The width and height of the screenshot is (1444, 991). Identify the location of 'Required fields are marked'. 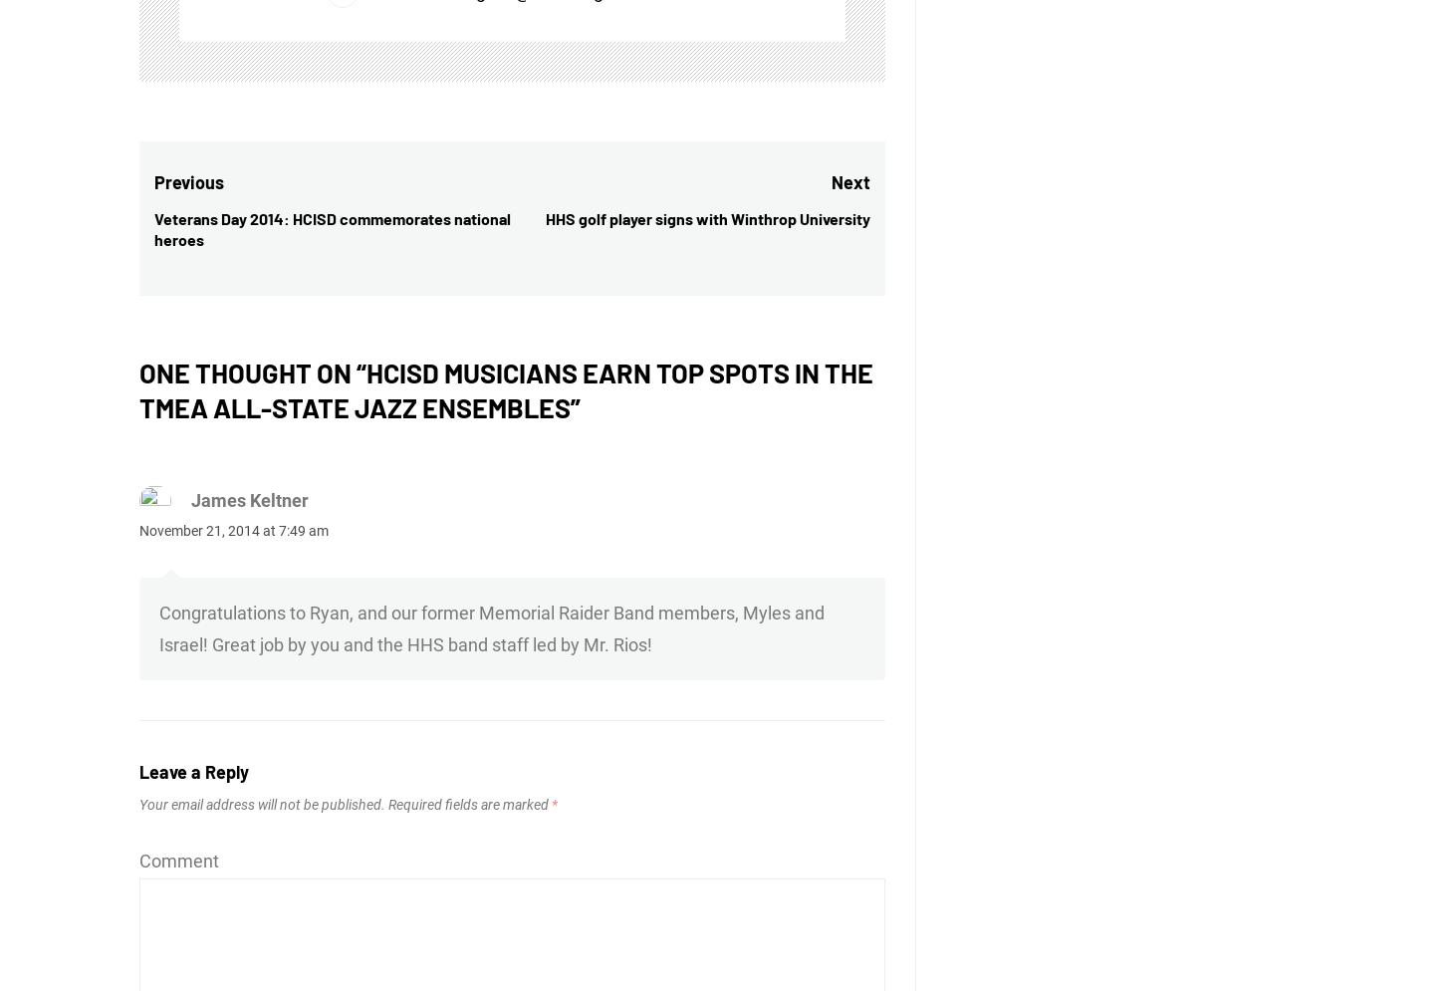
(467, 804).